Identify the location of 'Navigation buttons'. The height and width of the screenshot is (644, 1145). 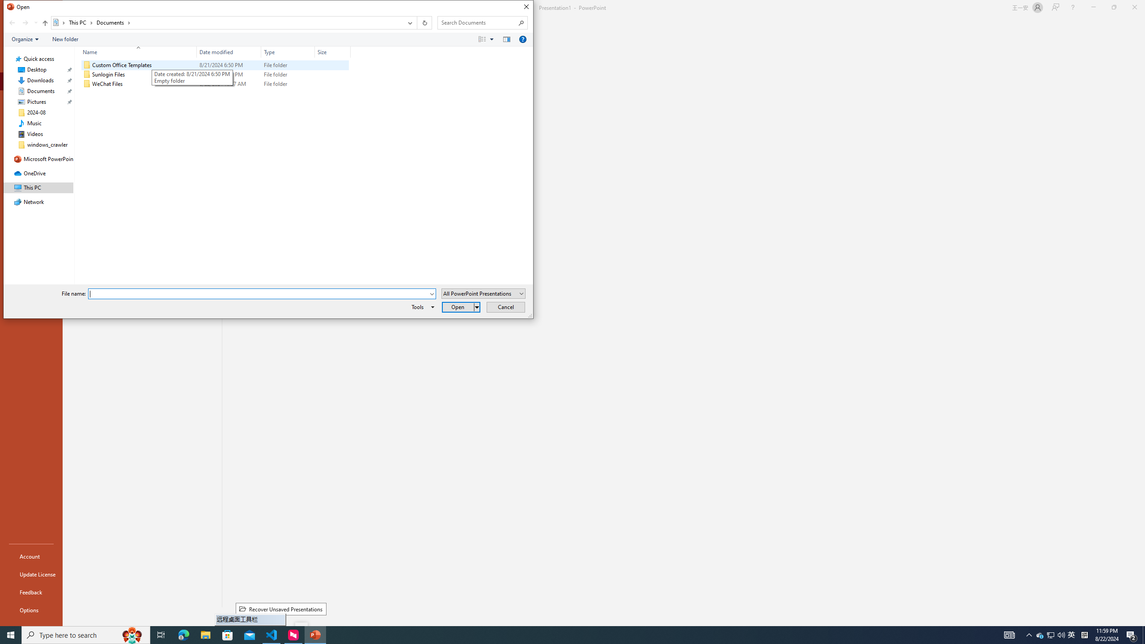
(22, 22).